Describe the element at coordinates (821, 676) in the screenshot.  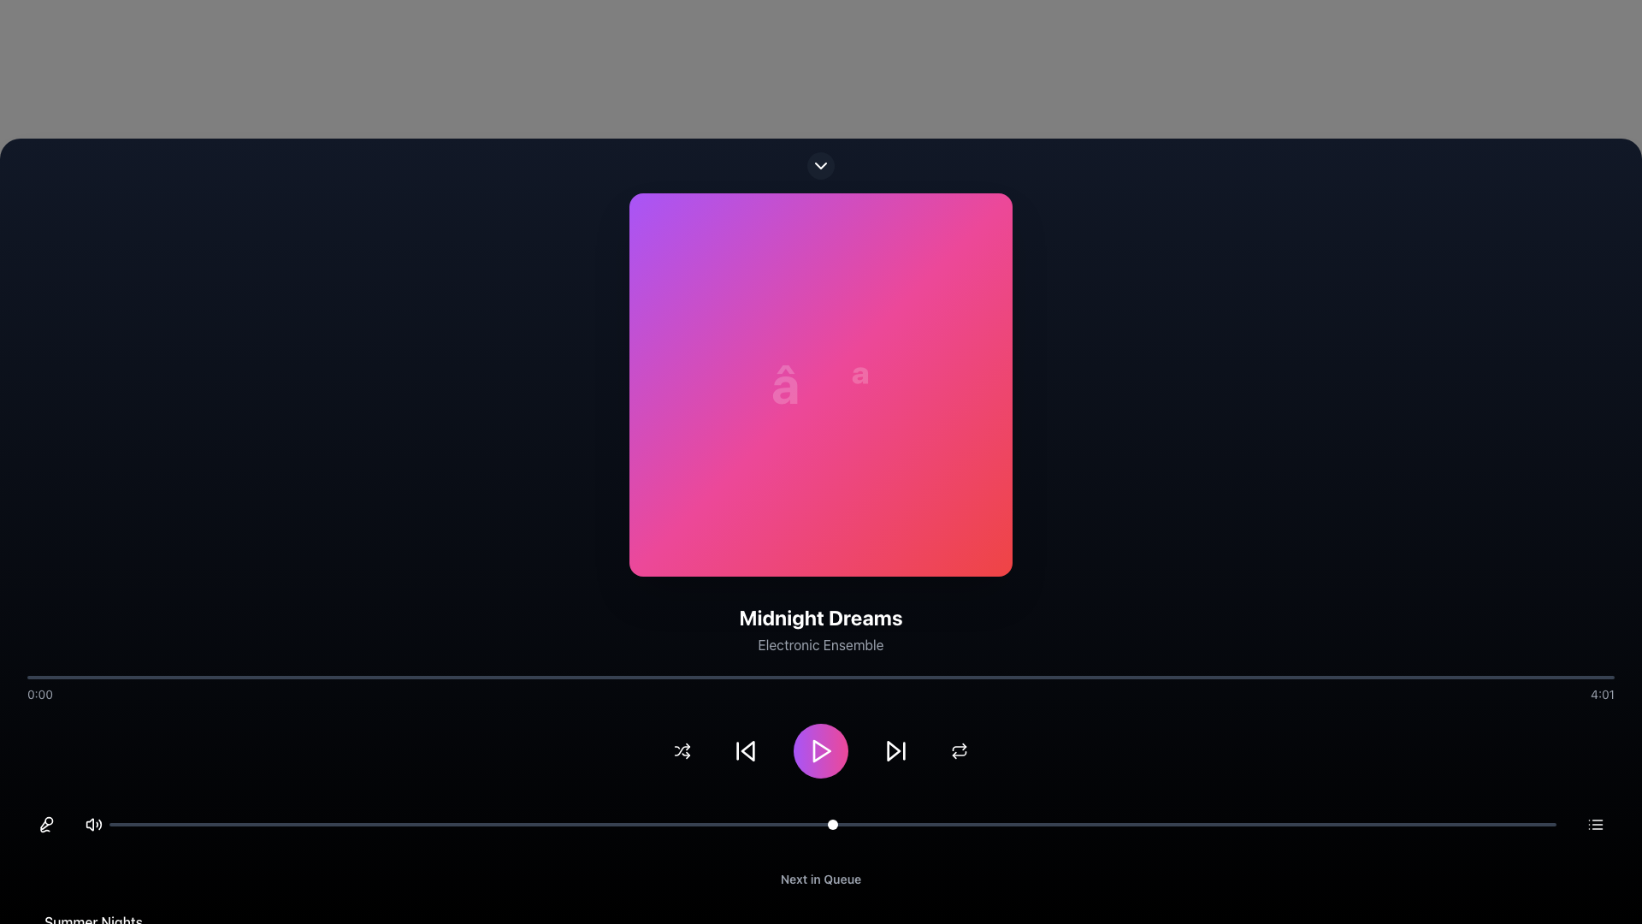
I see `the progress bar located below the song title and artist information to seek to a specific point in the media timeline` at that location.